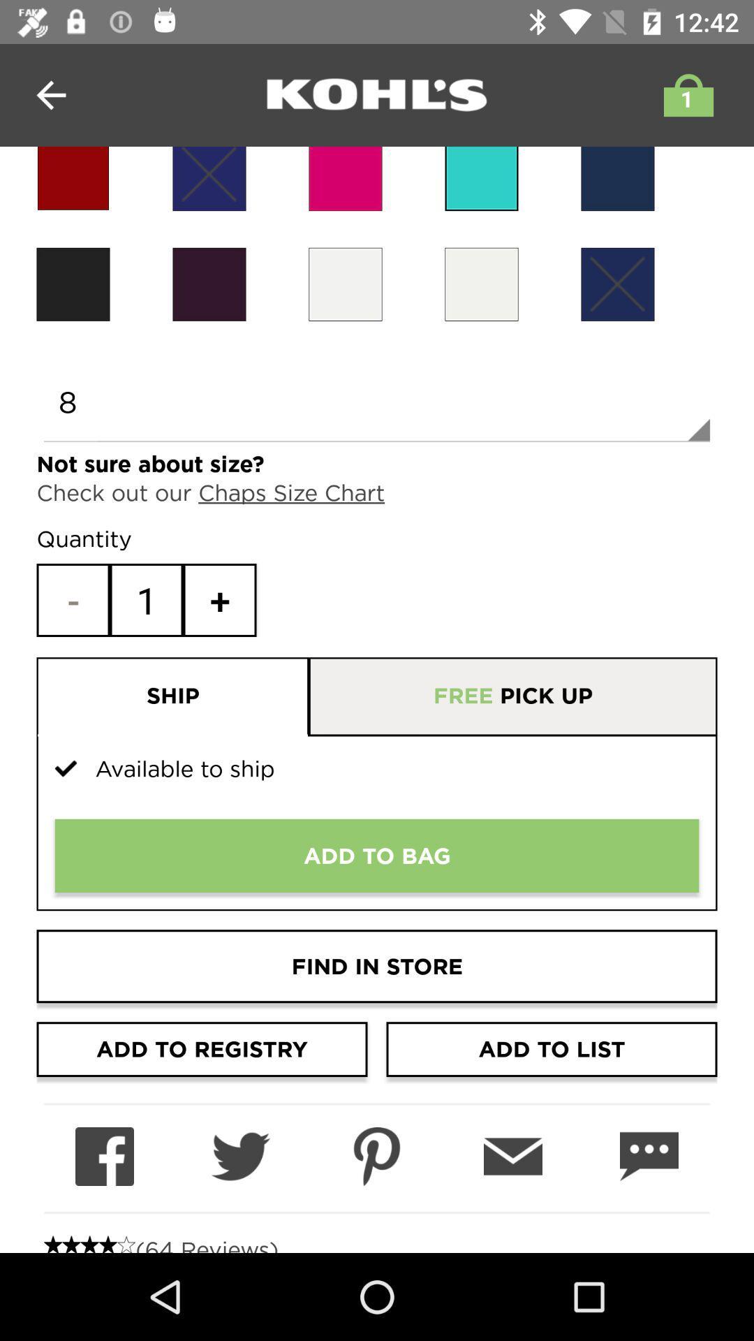 The width and height of the screenshot is (754, 1341). Describe the element at coordinates (513, 1157) in the screenshot. I see `email kohls` at that location.